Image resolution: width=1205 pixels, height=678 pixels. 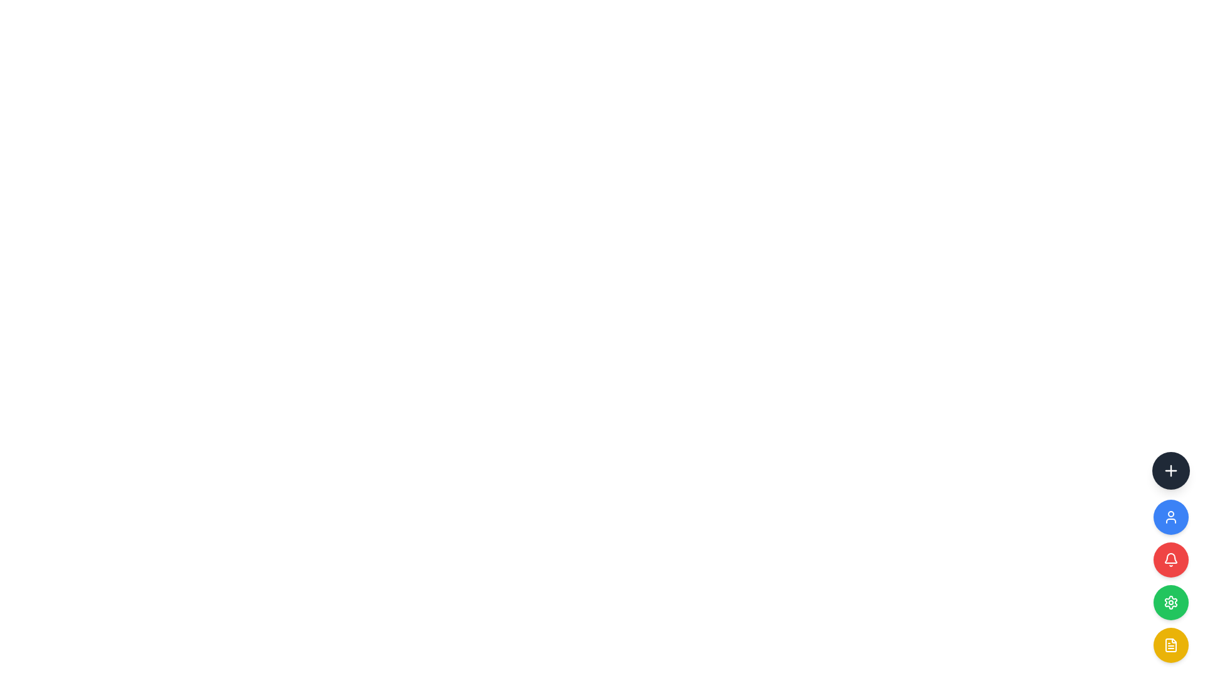 What do you see at coordinates (1170, 556) in the screenshot?
I see `the fifth circular button located at the bottom right corner of the layout` at bounding box center [1170, 556].